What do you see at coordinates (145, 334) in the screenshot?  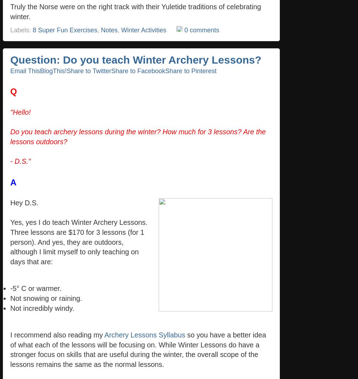 I see `'Archery Lessons Syllabus'` at bounding box center [145, 334].